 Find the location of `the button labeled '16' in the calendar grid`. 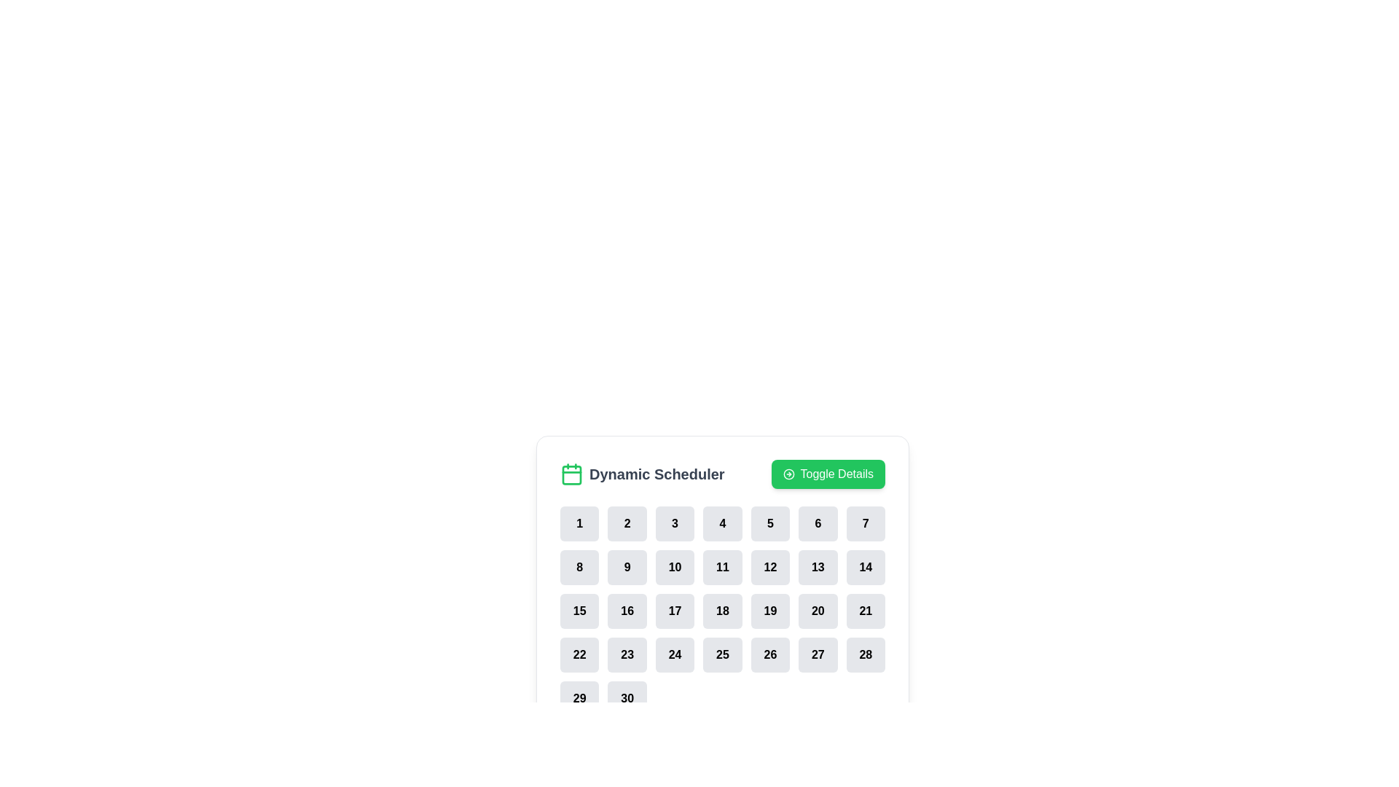

the button labeled '16' in the calendar grid is located at coordinates (627, 611).